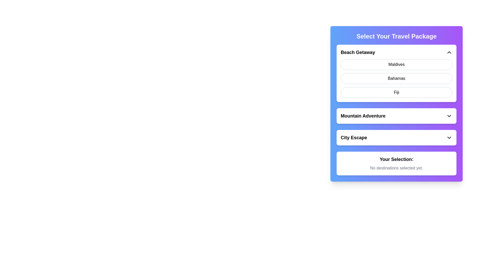  I want to click on the expand/collapse toggle button at the far-right end of the 'Mountain Adventure' section, so click(449, 115).